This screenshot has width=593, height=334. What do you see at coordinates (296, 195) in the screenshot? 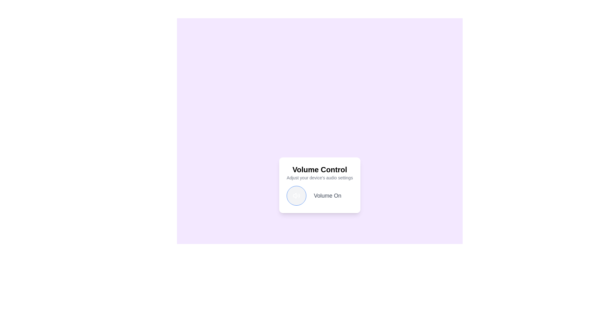
I see `the volume toggle button to change its state` at bounding box center [296, 195].